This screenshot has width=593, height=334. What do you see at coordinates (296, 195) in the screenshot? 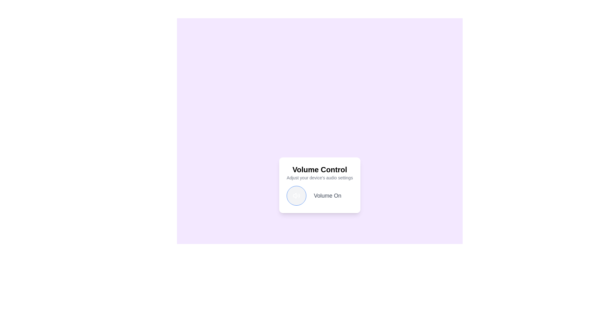
I see `the volume toggle button to change its state` at bounding box center [296, 195].